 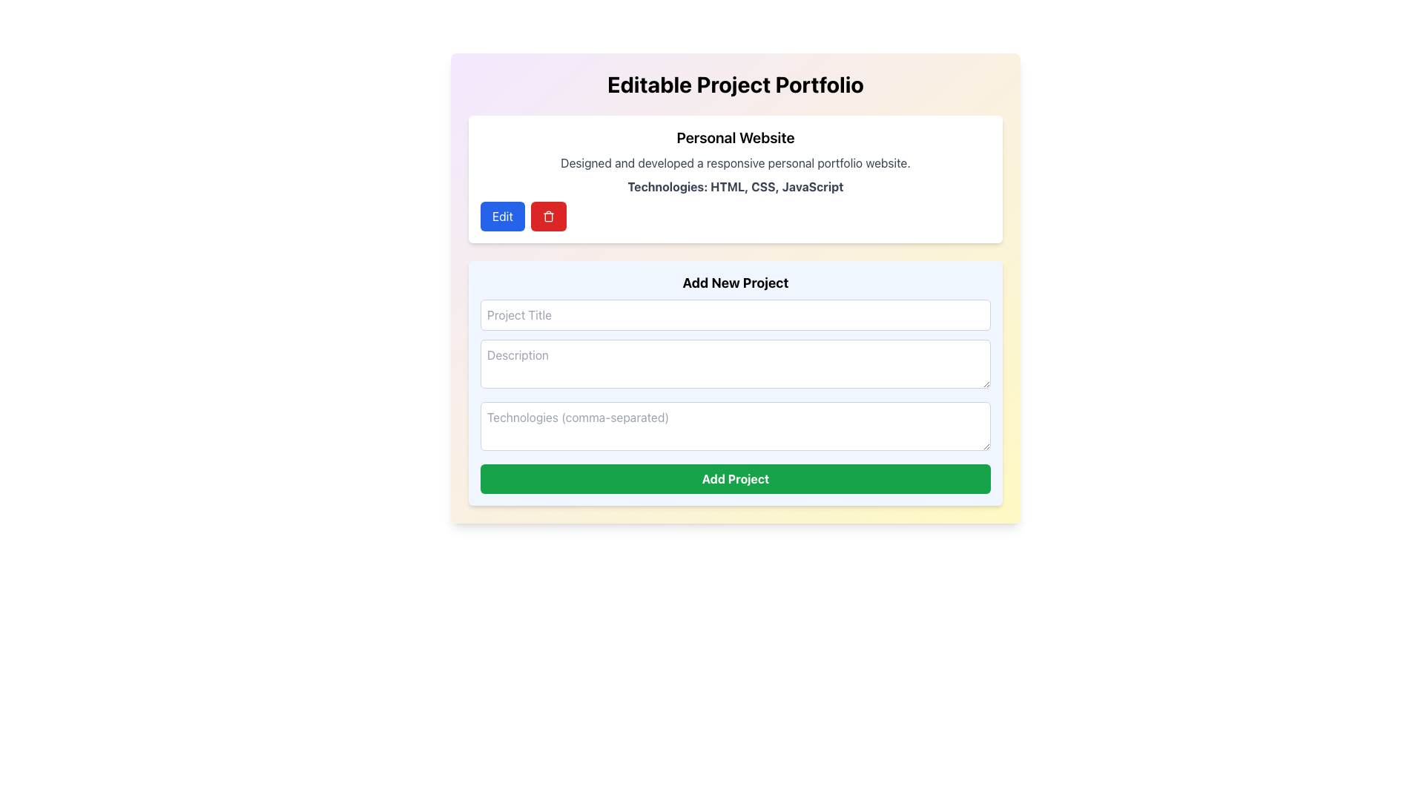 I want to click on the red rectangular delete button with a trash bin icon, located to the right of the blue 'Edit' button, below the 'Personal Website' heading, so click(x=547, y=217).